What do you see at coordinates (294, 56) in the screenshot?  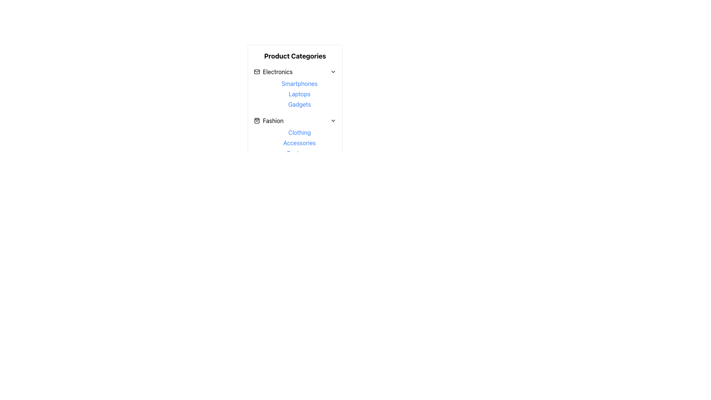 I see `the Text header element that indicates the content type of the section, which is located at the top of the vertical list structure containing product categories` at bounding box center [294, 56].